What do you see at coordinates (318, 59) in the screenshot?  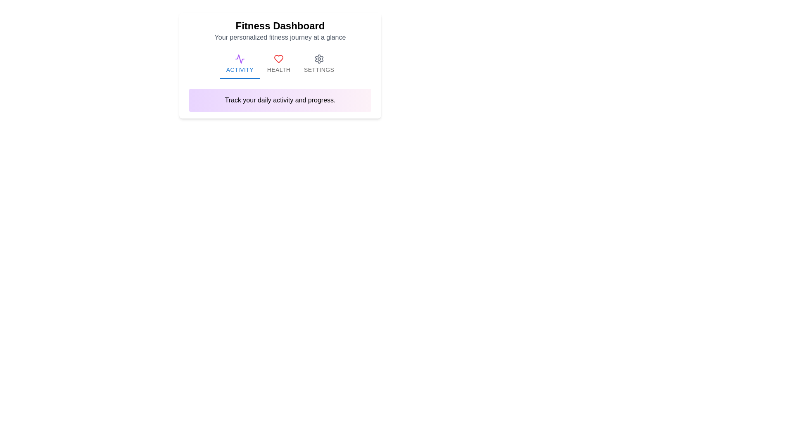 I see `the gear-shaped icon in the 'SETTINGS' tab of the Fitness Dashboard` at bounding box center [318, 59].